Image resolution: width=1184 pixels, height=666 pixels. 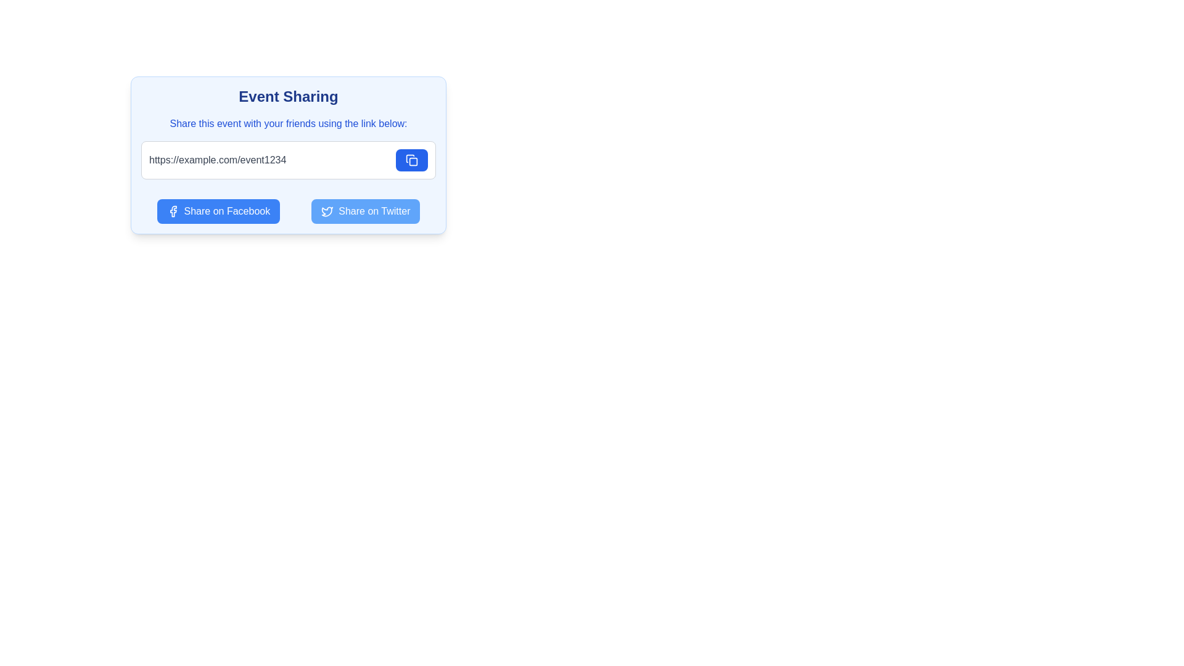 I want to click on the Facebook logo icon within the 'Share on Facebook' button, so click(x=172, y=211).